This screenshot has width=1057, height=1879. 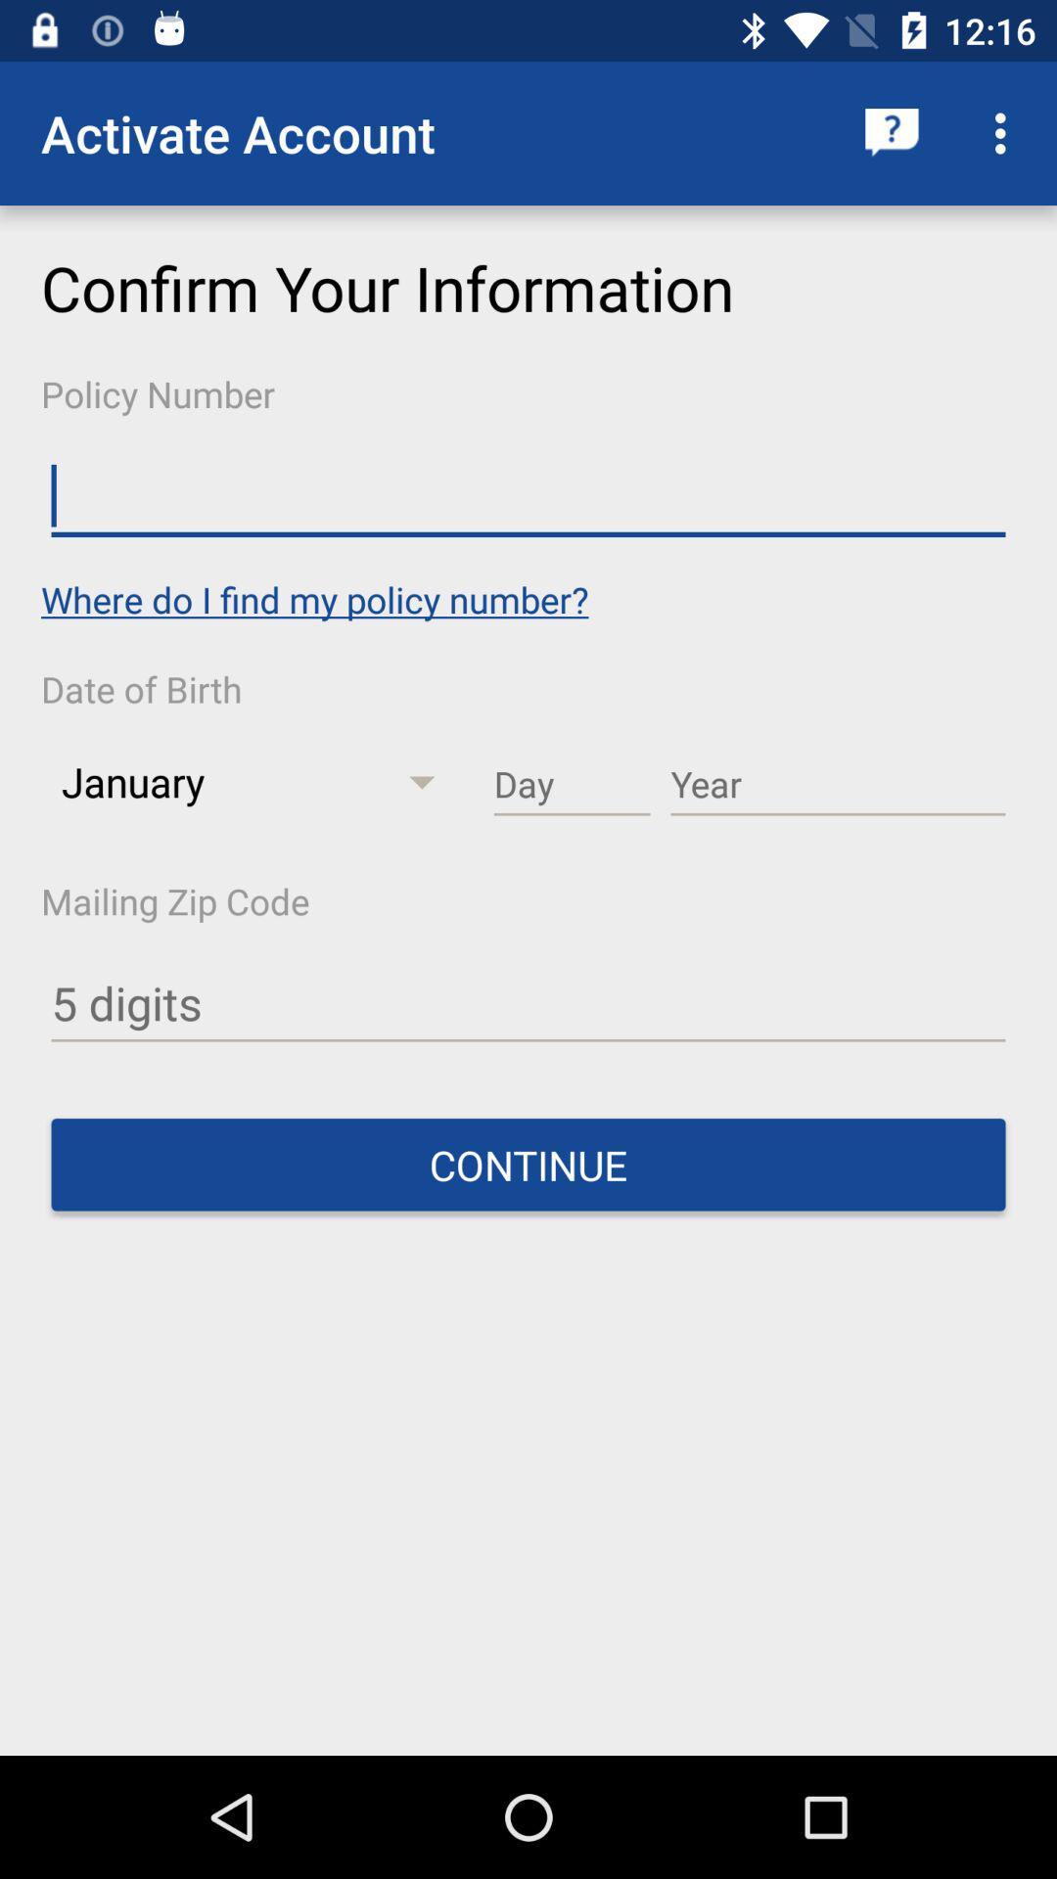 What do you see at coordinates (528, 496) in the screenshot?
I see `the item above where do i item` at bounding box center [528, 496].